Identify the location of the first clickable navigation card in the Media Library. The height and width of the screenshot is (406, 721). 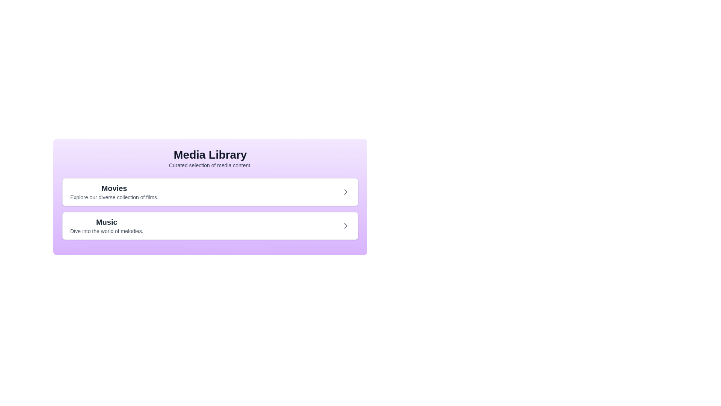
(210, 191).